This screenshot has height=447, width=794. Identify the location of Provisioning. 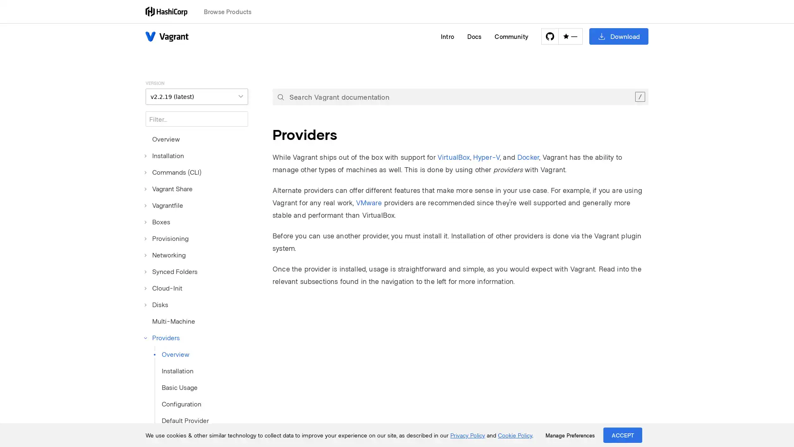
(166, 238).